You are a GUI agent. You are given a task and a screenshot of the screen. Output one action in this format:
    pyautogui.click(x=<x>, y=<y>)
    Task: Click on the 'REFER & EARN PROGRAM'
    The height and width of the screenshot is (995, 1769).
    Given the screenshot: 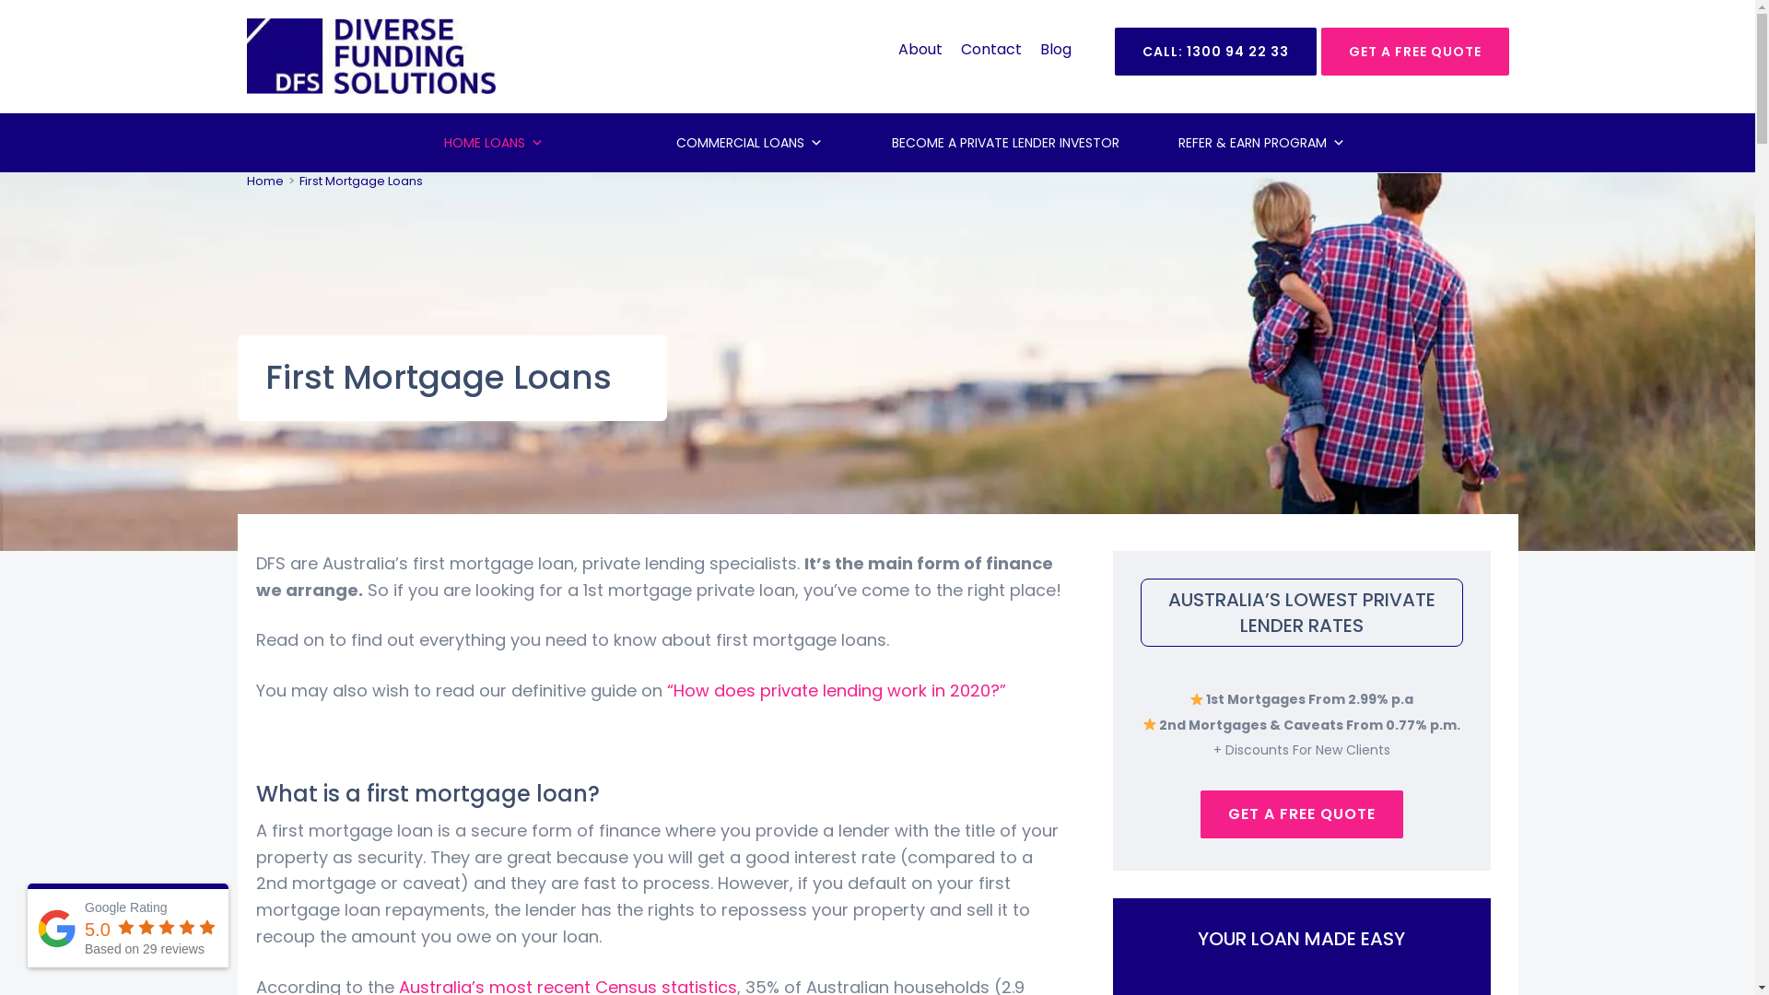 What is the action you would take?
    pyautogui.click(x=1259, y=141)
    